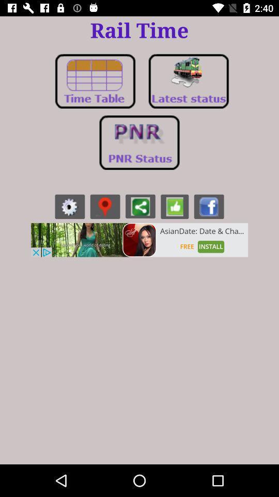 This screenshot has width=279, height=497. What do you see at coordinates (209, 206) in the screenshot?
I see `the facebook icon` at bounding box center [209, 206].